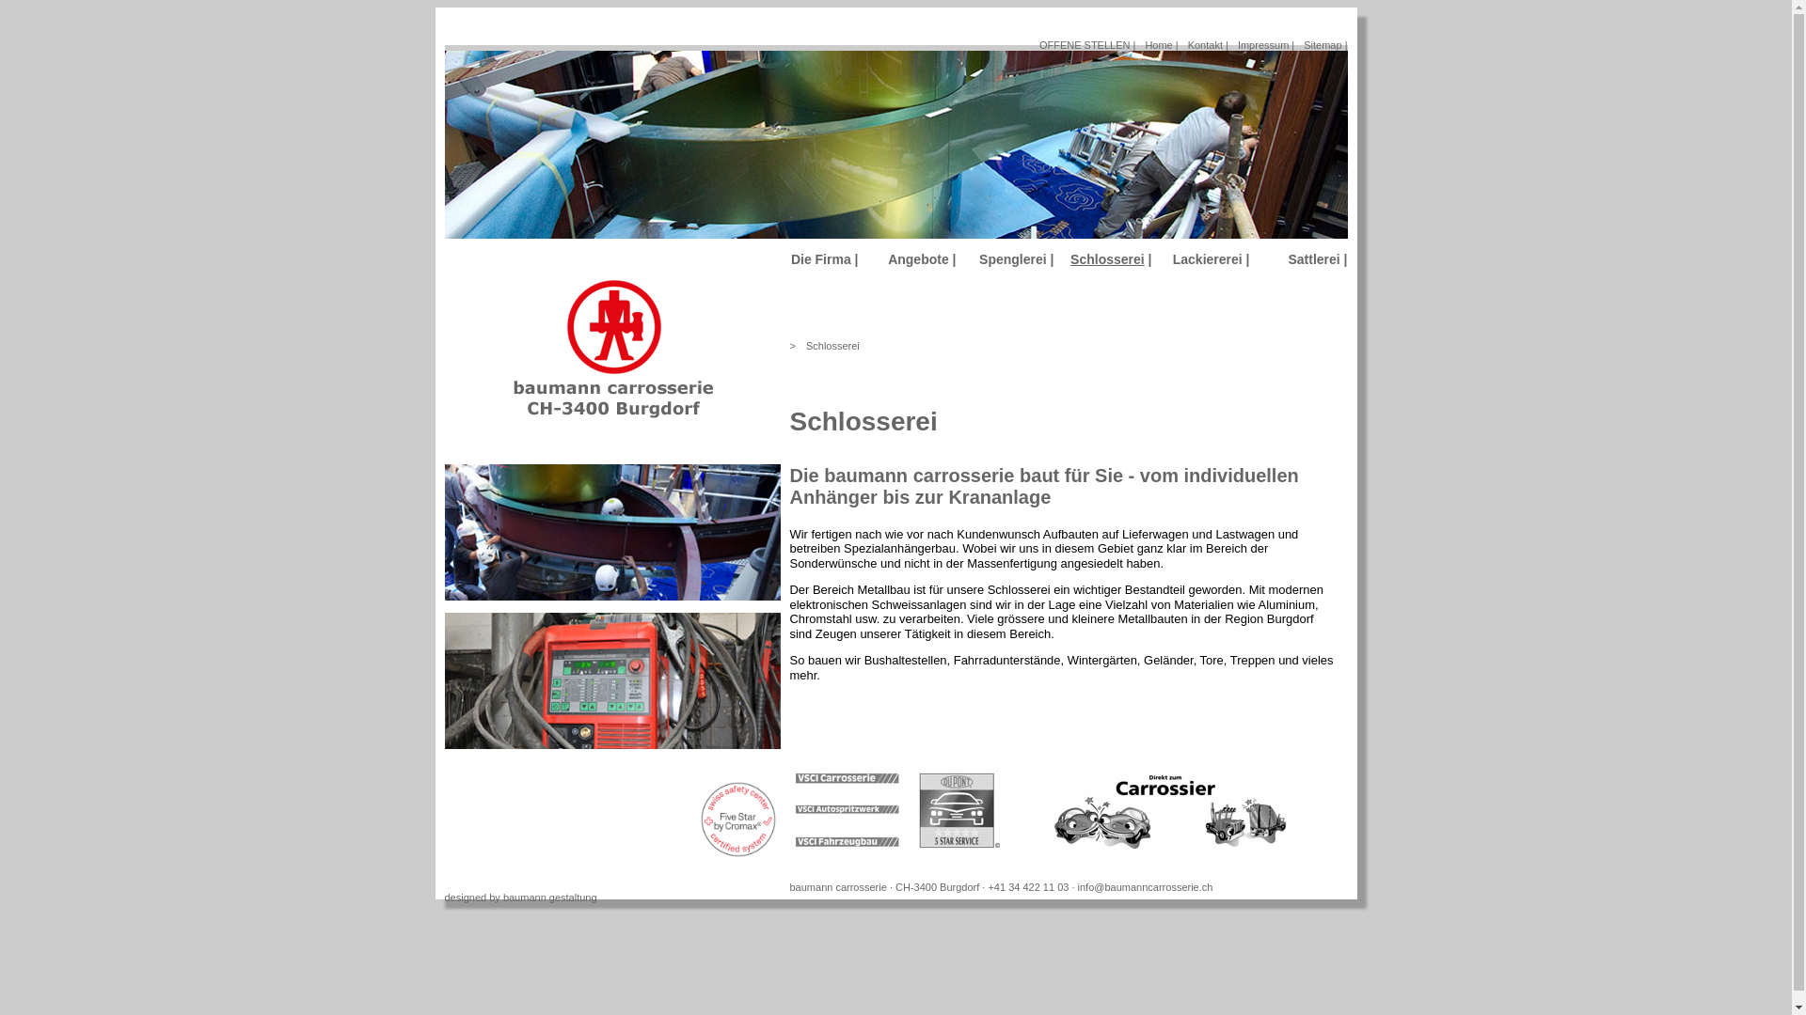 The height and width of the screenshot is (1015, 1806). I want to click on 'OFFENE STELLEN', so click(1038, 43).